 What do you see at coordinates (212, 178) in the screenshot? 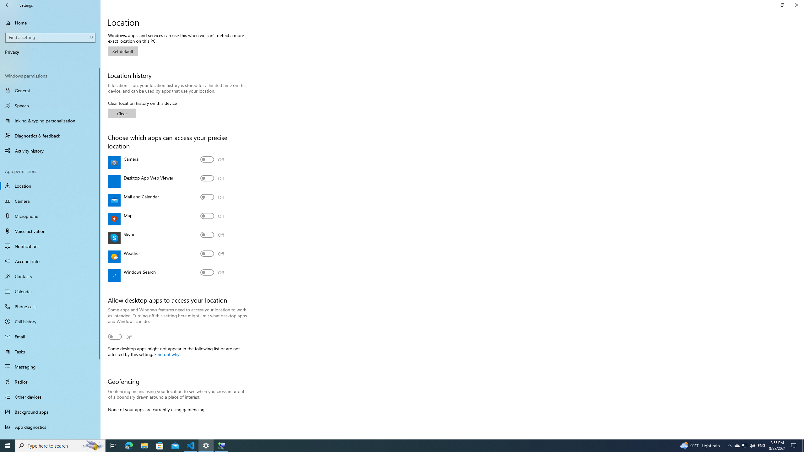
I see `'Desktop App Web Viewer'` at bounding box center [212, 178].